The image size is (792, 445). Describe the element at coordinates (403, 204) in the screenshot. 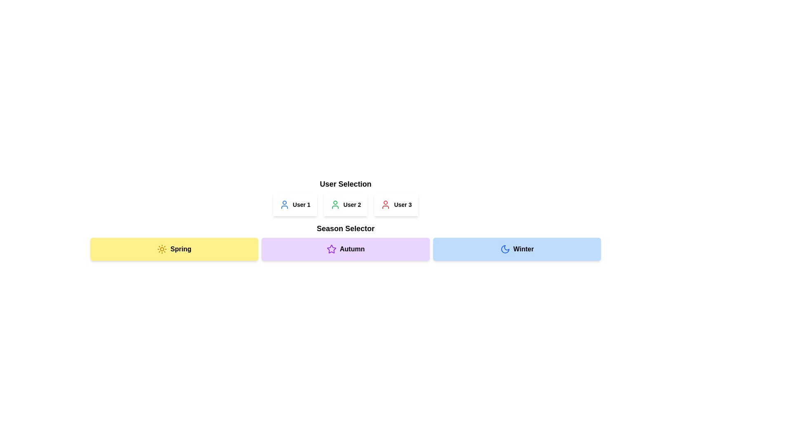

I see `the text element displaying 'User 3', which is the last of the three user selectors in the 'User Selection' component` at that location.